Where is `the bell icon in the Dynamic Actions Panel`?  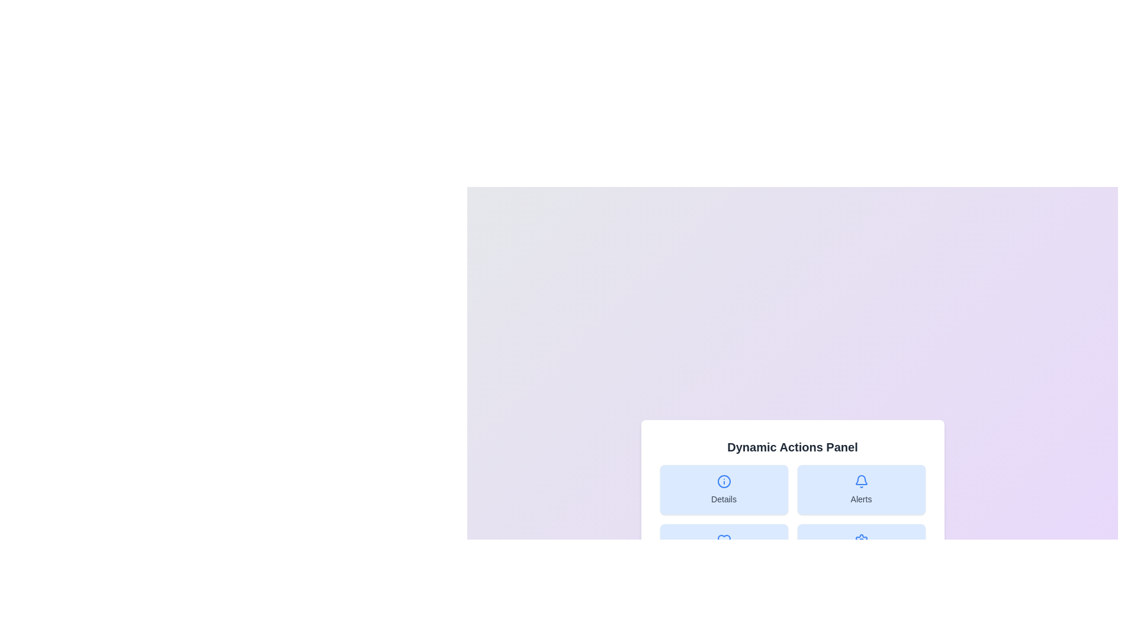
the bell icon in the Dynamic Actions Panel is located at coordinates (861, 479).